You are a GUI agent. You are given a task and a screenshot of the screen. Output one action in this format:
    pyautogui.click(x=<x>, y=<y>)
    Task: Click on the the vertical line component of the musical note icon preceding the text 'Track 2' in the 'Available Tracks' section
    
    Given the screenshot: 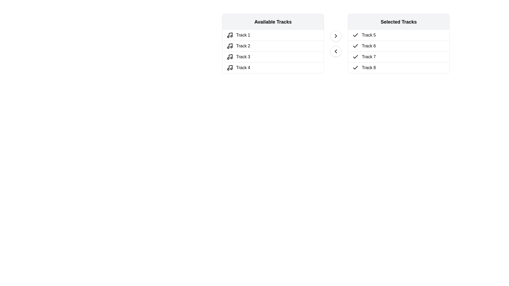 What is the action you would take?
    pyautogui.click(x=230, y=45)
    